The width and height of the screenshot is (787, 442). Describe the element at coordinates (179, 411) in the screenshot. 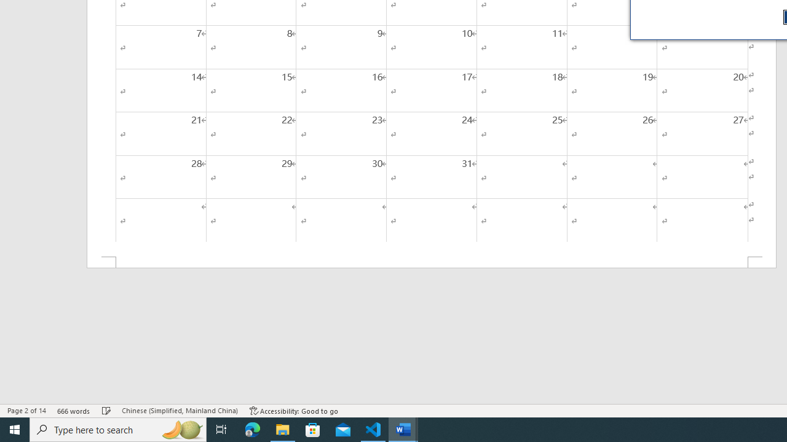

I see `'Language Chinese (Simplified, Mainland China)'` at that location.